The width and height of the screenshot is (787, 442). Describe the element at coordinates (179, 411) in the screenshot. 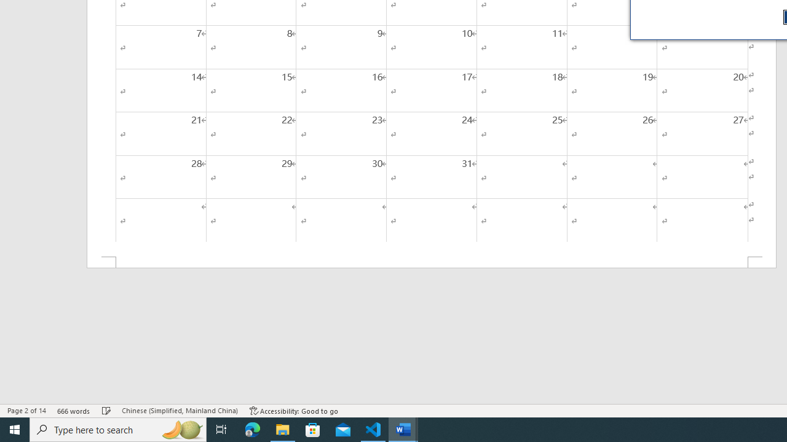

I see `'Language Chinese (Simplified, Mainland China)'` at that location.